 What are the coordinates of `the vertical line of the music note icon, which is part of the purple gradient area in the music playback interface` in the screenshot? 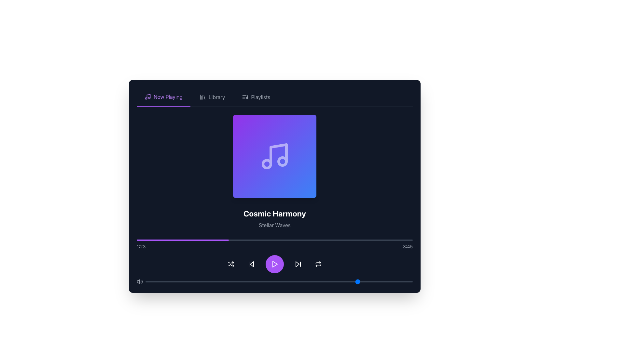 It's located at (278, 154).